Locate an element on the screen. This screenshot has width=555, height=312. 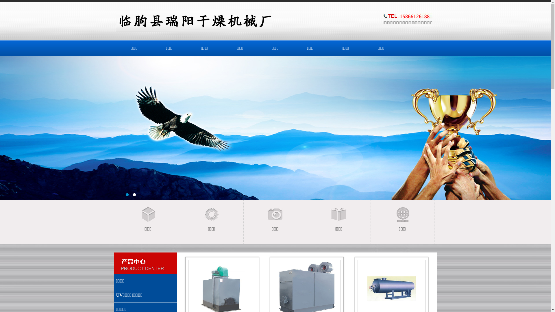
'2' is located at coordinates (134, 196).